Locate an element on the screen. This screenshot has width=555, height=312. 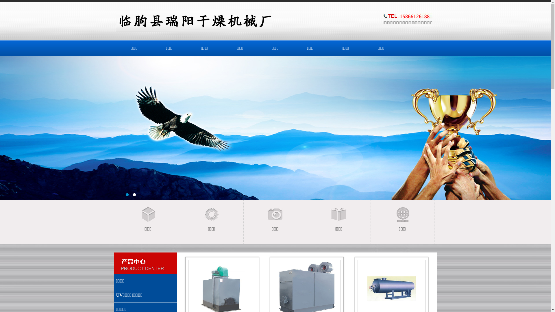
'2' is located at coordinates (134, 196).